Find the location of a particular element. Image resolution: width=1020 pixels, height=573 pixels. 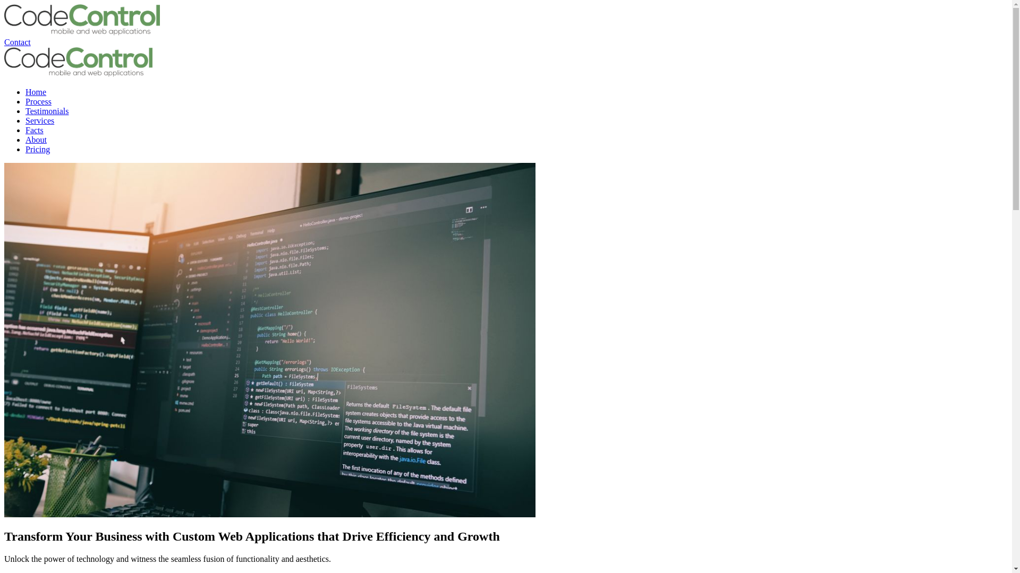

'Contact' is located at coordinates (18, 41).